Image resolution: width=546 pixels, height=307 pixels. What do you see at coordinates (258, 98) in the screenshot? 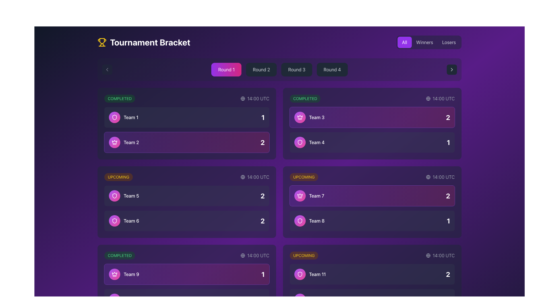
I see `text displayed in the time indication label located in the top section of the layout, right-aligned next to a globe icon` at bounding box center [258, 98].